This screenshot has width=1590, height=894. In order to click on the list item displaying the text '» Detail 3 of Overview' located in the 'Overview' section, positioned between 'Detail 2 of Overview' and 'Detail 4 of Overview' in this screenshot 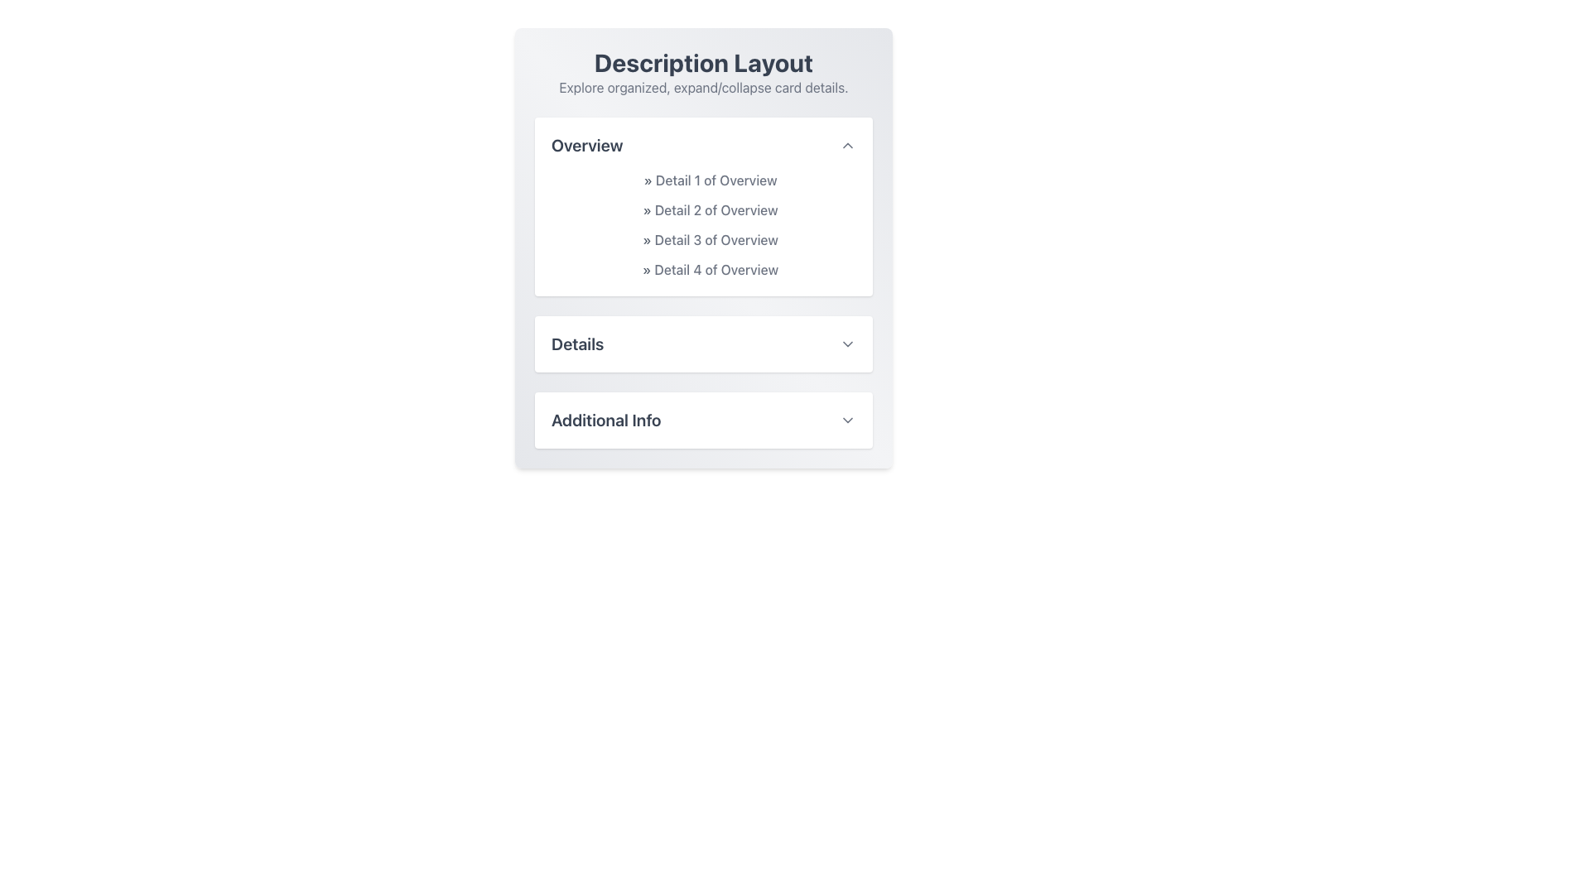, I will do `click(703, 239)`.